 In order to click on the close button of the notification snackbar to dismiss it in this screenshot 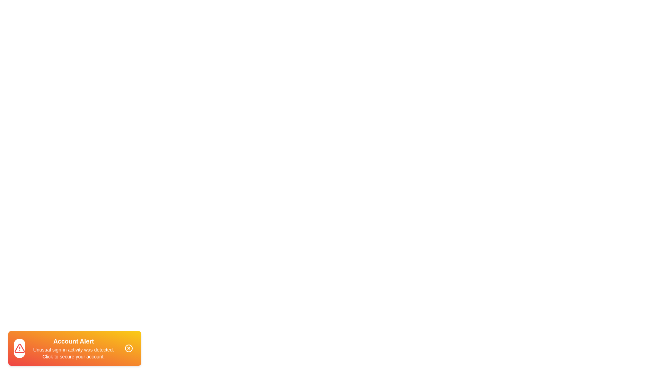, I will do `click(129, 348)`.